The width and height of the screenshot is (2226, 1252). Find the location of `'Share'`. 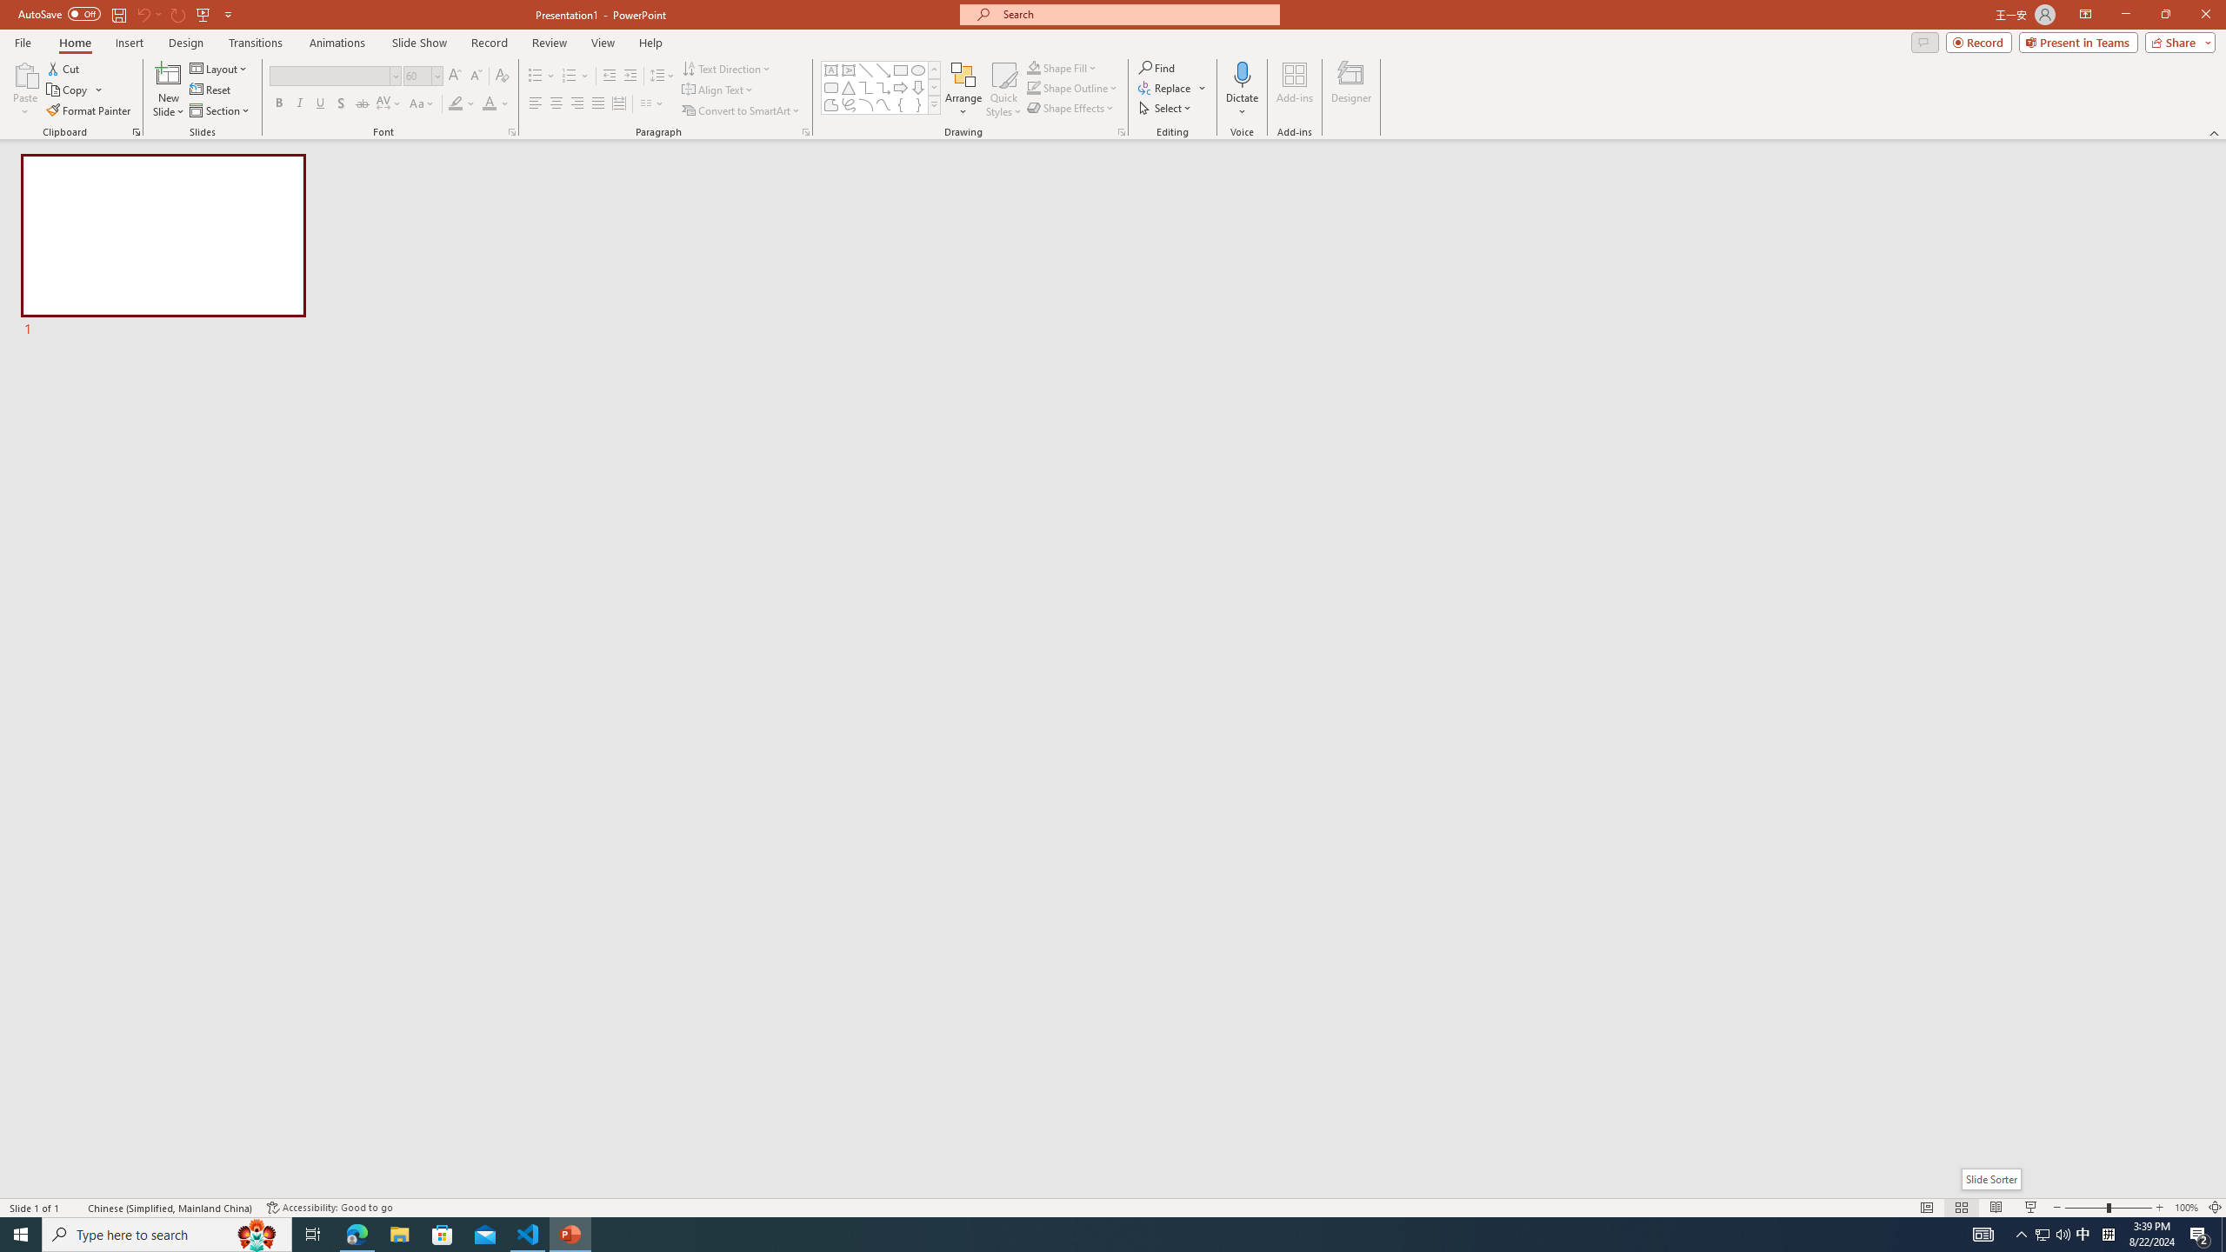

'Share' is located at coordinates (2176, 41).